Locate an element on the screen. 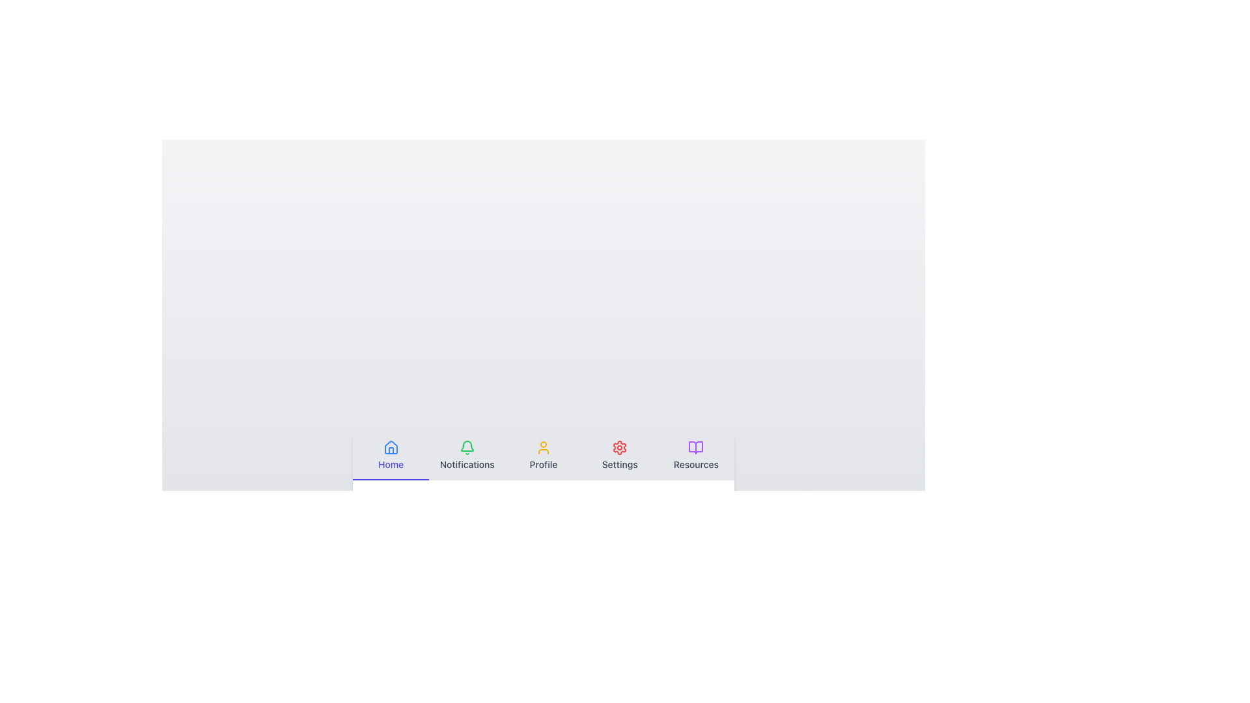 The height and width of the screenshot is (703, 1250). the Navigation tab that is the third tab from the left in the navigation bar, which likely navigates to the profile page or section is located at coordinates (544, 456).